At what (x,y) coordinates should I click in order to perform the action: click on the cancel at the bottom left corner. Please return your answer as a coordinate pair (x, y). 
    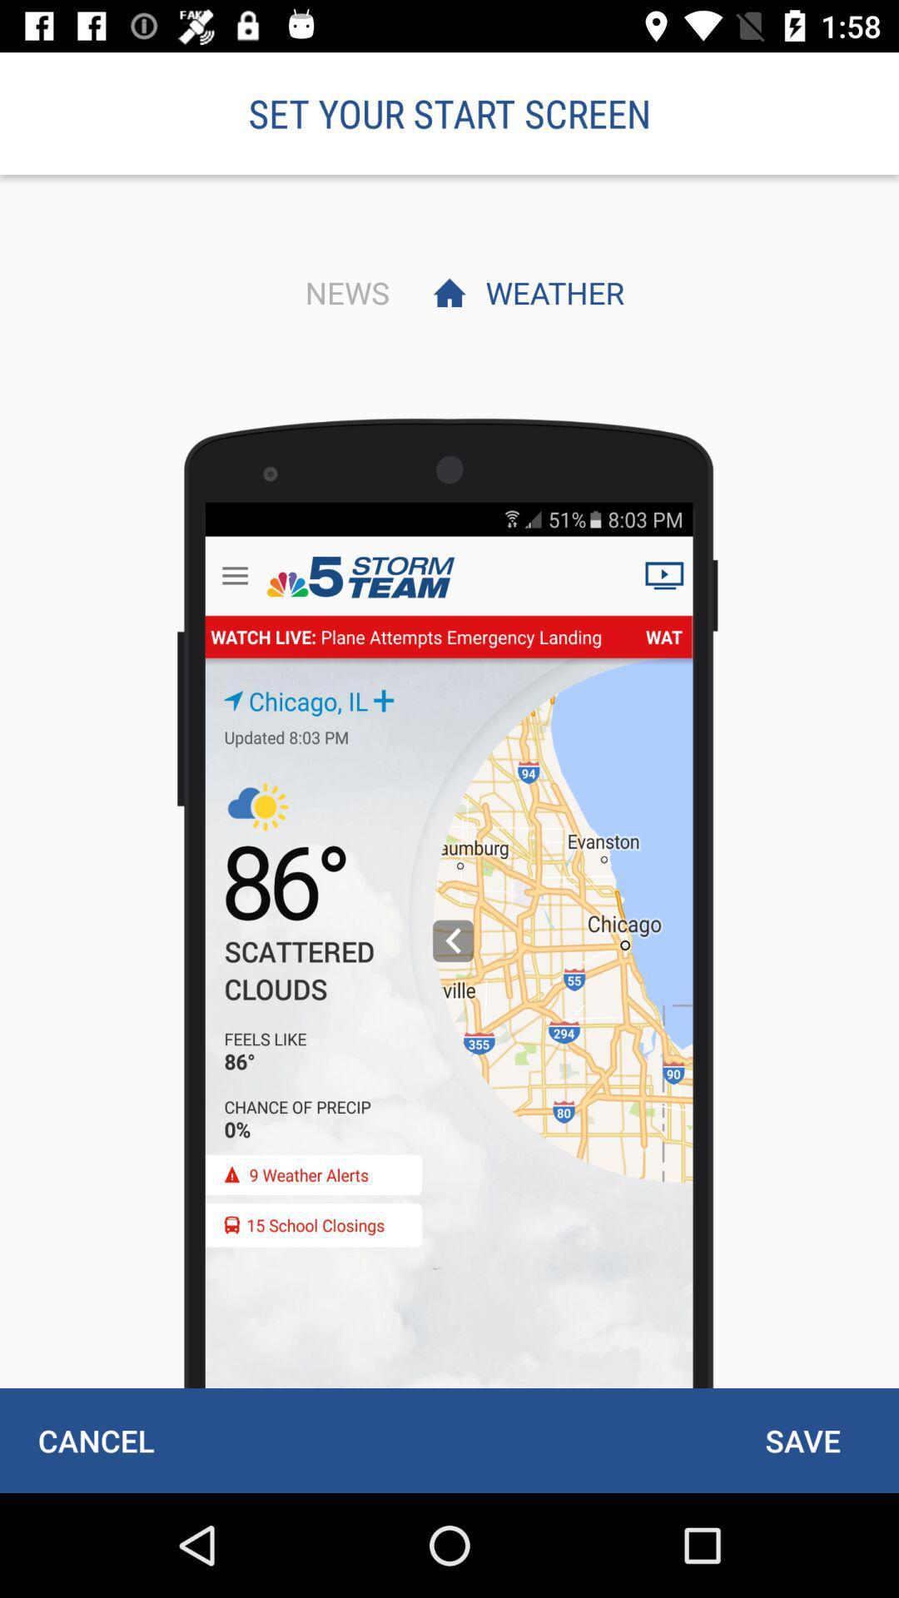
    Looking at the image, I should click on (96, 1440).